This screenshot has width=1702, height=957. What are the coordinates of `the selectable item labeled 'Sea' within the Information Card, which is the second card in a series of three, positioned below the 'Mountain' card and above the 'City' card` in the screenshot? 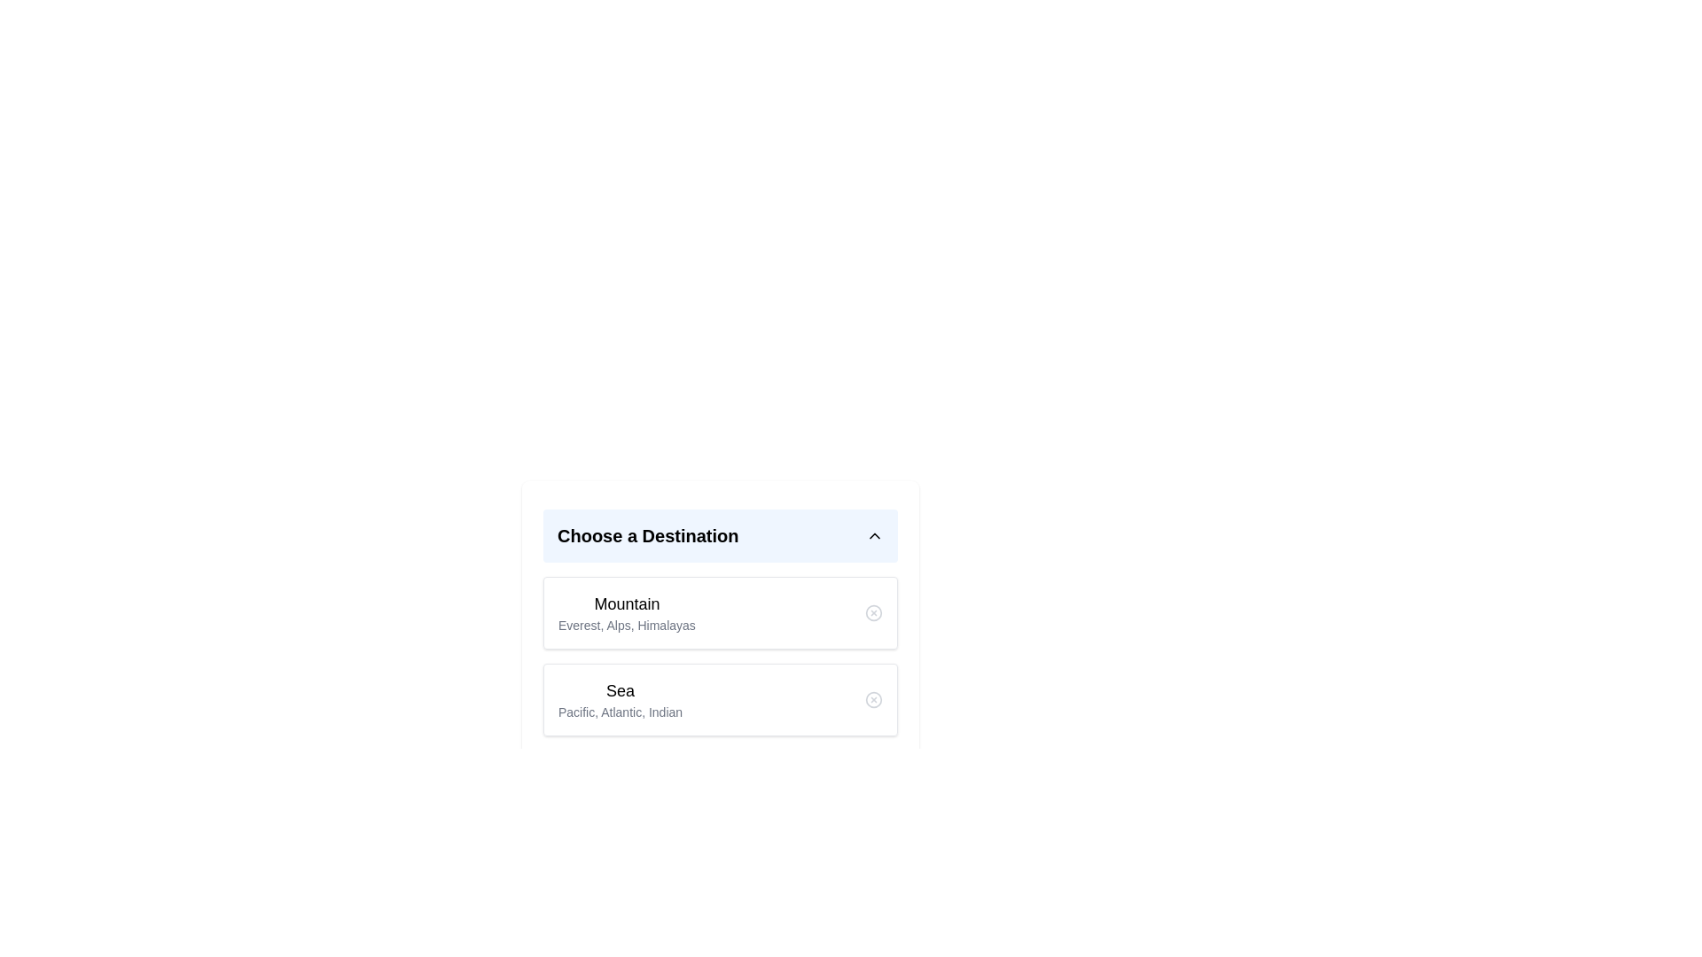 It's located at (720, 699).